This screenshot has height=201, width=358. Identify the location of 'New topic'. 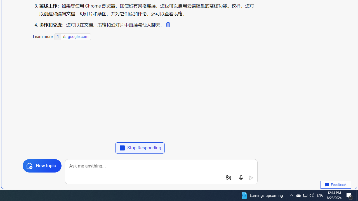
(41, 166).